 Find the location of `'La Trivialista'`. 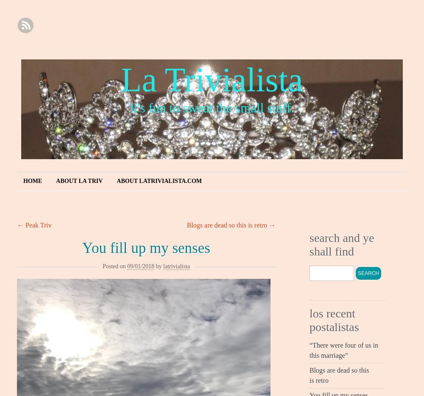

'La Trivialista' is located at coordinates (211, 79).